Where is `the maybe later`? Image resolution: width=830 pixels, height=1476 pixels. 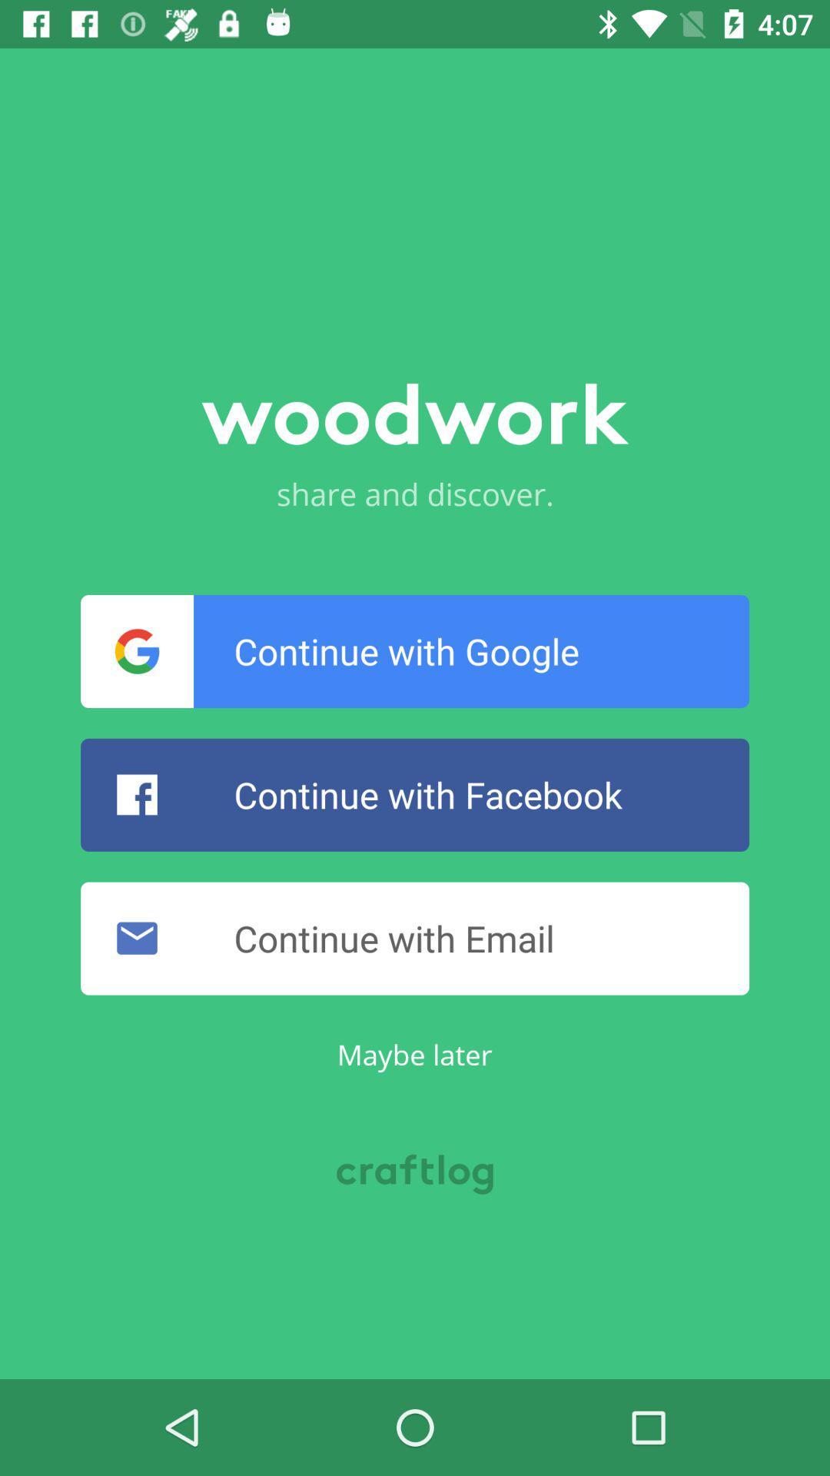
the maybe later is located at coordinates (413, 1053).